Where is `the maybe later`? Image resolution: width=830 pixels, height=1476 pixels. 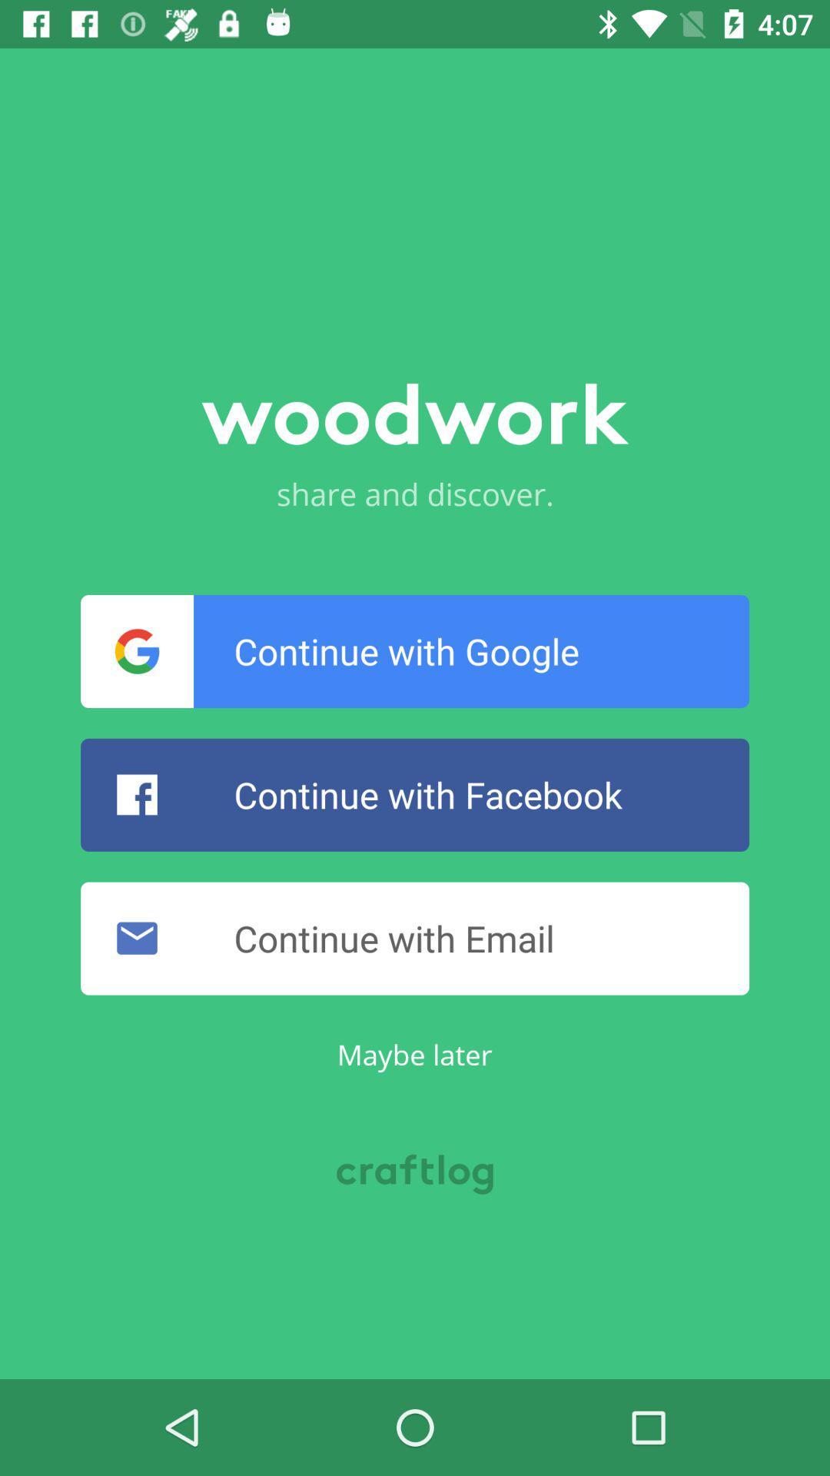
the maybe later is located at coordinates (413, 1053).